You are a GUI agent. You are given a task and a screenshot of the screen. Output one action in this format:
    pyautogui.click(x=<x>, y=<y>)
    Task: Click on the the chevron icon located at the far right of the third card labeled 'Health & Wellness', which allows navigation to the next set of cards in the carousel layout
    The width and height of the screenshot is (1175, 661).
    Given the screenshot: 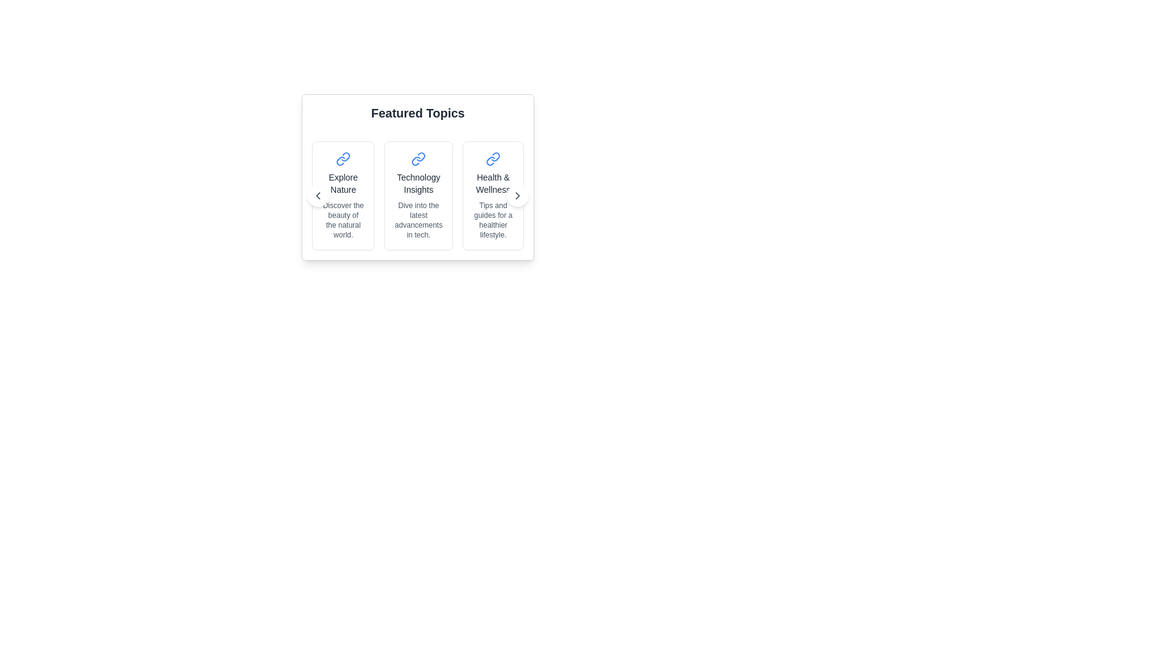 What is the action you would take?
    pyautogui.click(x=517, y=195)
    